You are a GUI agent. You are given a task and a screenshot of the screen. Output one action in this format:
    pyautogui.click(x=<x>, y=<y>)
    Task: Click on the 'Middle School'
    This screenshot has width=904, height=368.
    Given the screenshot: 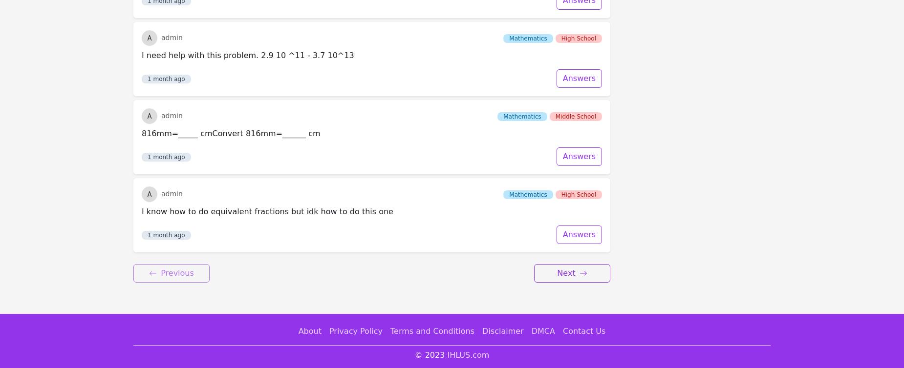 What is the action you would take?
    pyautogui.click(x=575, y=13)
    